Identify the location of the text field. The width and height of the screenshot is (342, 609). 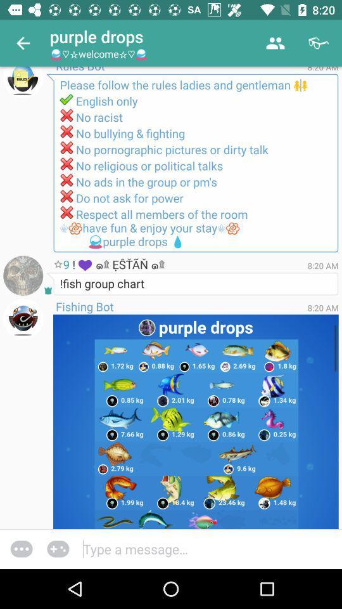
(211, 548).